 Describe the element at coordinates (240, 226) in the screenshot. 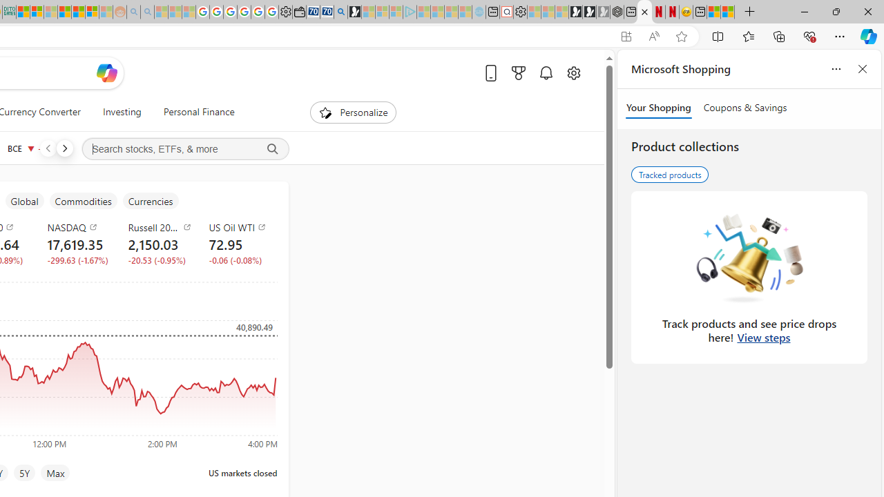

I see `'US Oil WTI'` at that location.